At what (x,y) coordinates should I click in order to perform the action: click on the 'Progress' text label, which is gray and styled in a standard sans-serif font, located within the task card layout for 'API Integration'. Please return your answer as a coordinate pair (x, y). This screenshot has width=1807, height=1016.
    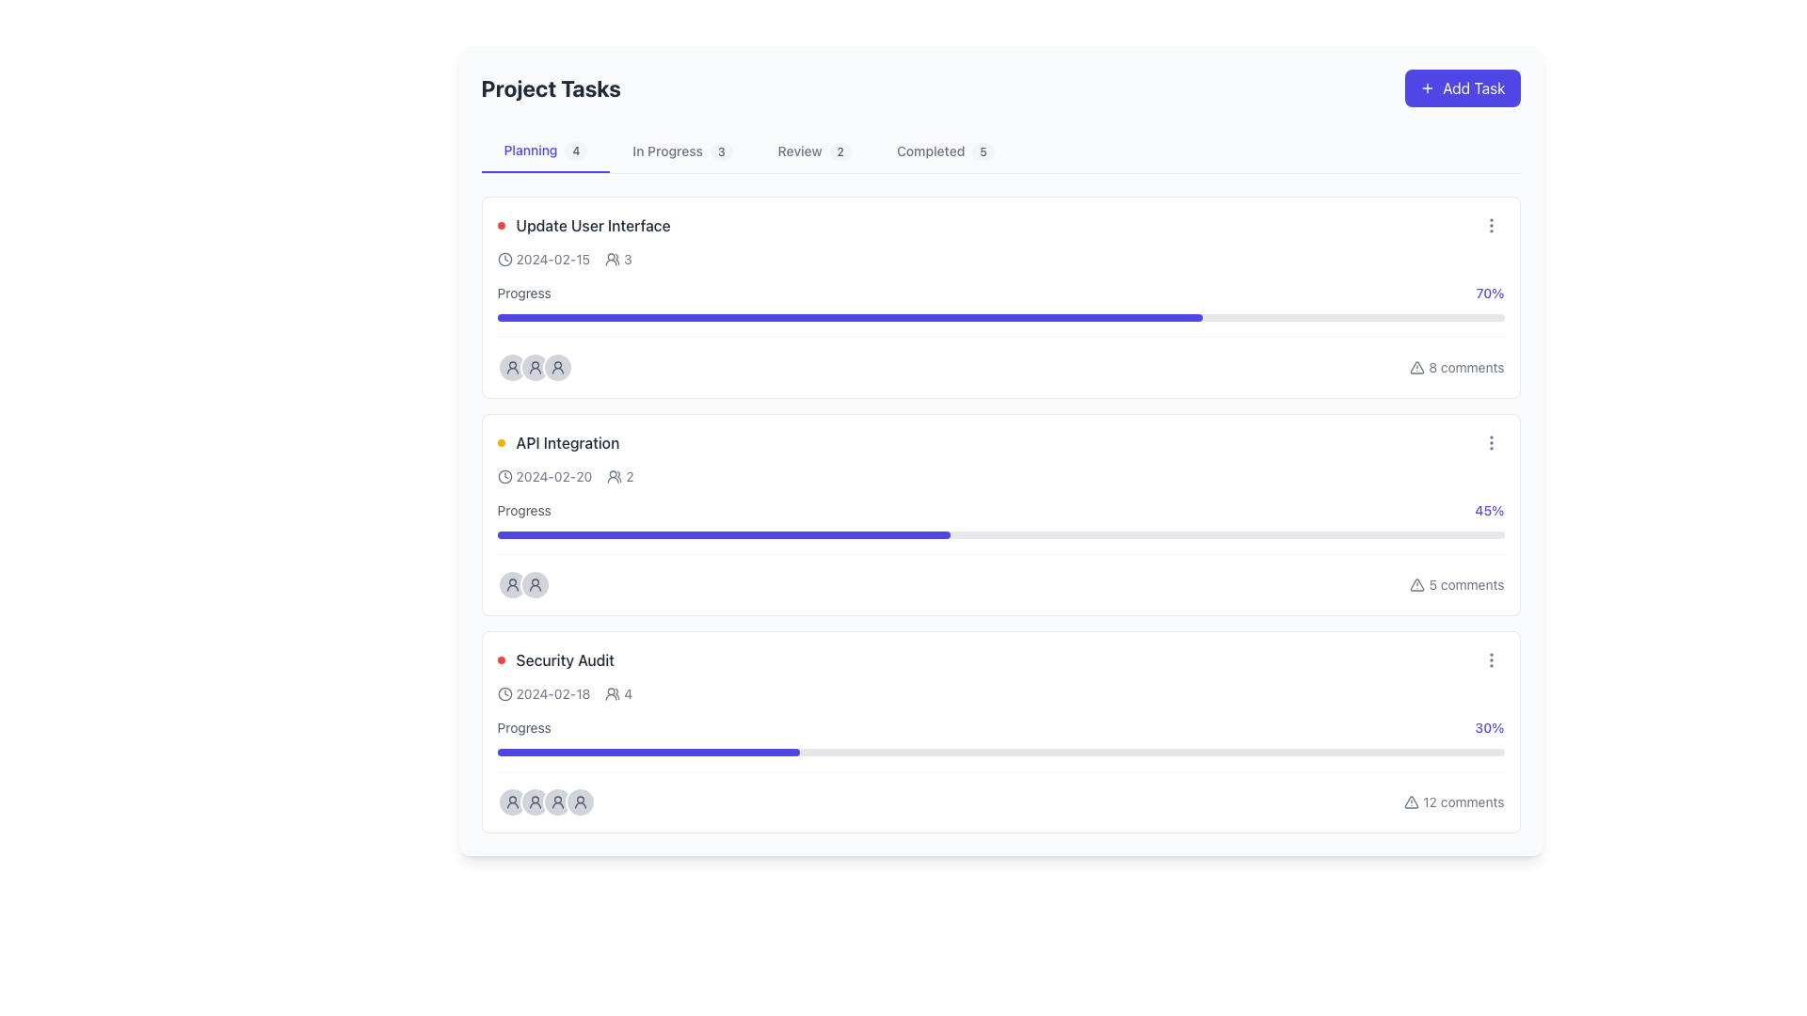
    Looking at the image, I should click on (524, 511).